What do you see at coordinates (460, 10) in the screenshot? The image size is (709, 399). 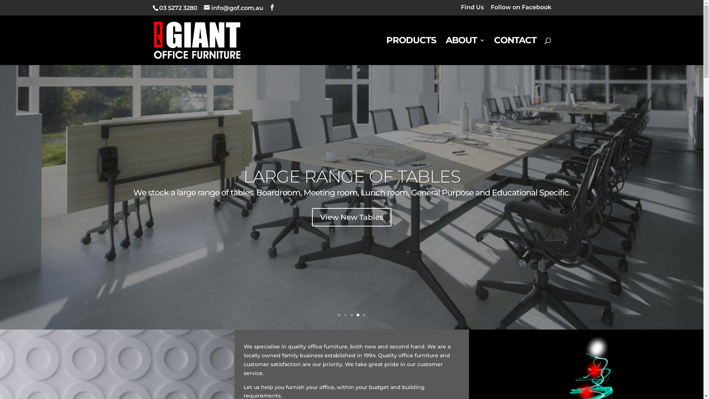 I see `'Find Us'` at bounding box center [460, 10].